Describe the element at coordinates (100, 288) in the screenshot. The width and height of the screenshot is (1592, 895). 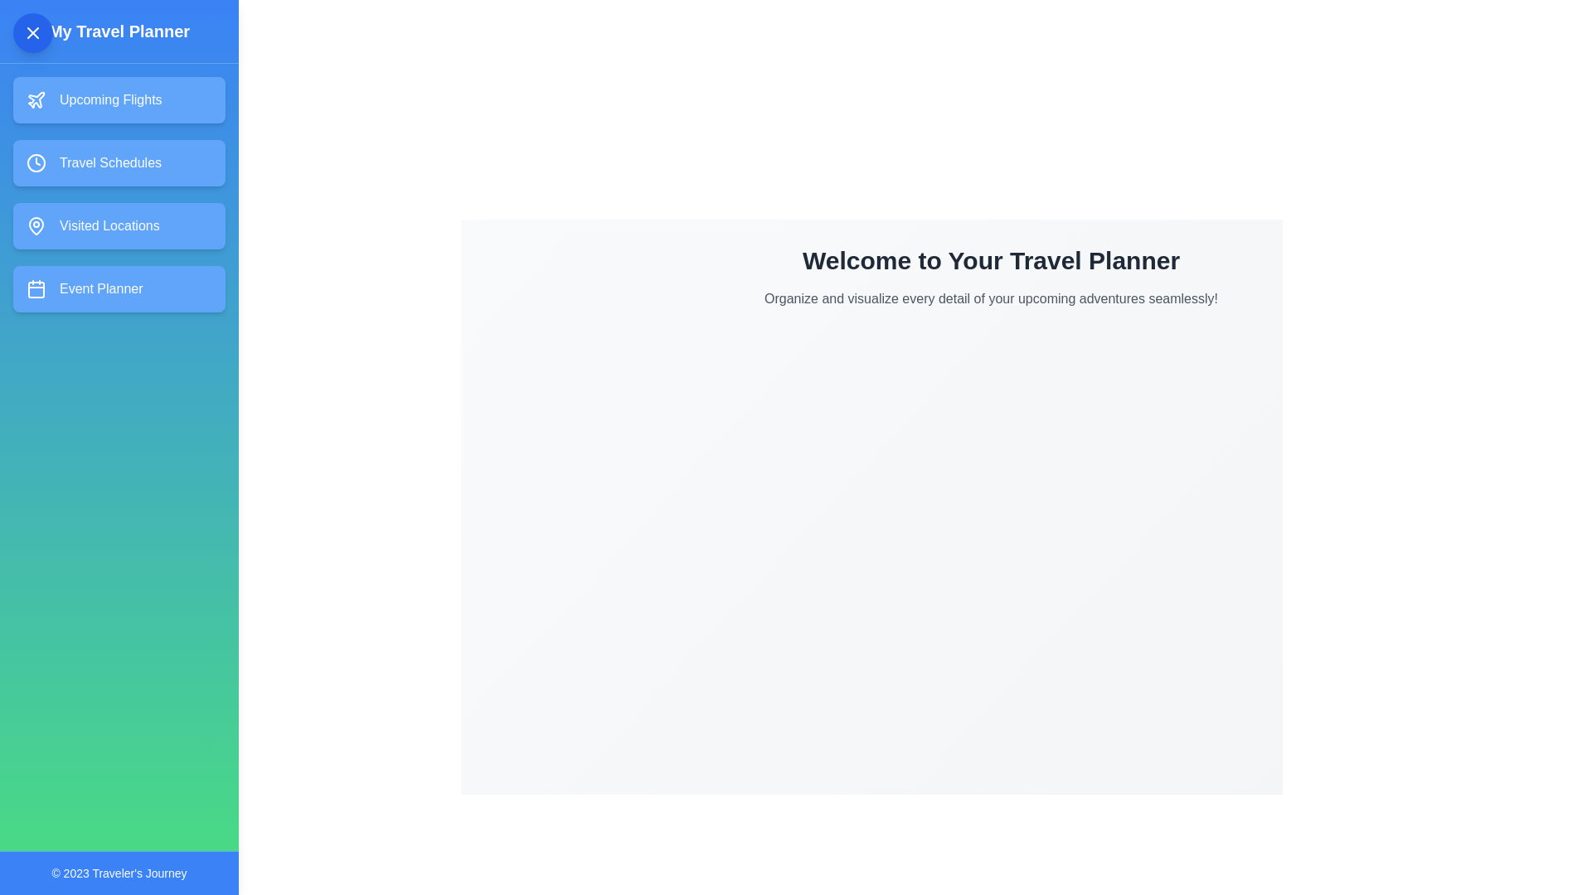
I see `the 'Event Planner' button, which is a text label in bold white font within a blue button that changes to greenish on mouse hover, located as the fourth item in a vertical sidebar menu` at that location.